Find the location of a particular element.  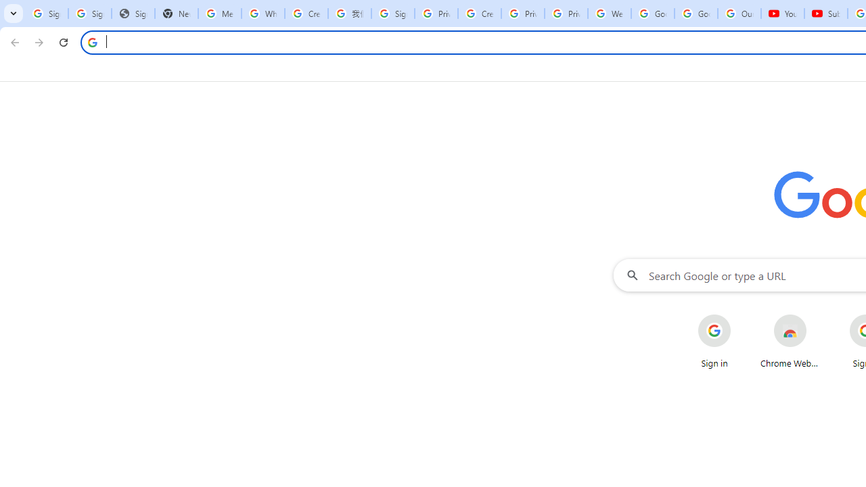

'Sign in - Google Accounts' is located at coordinates (392, 14).